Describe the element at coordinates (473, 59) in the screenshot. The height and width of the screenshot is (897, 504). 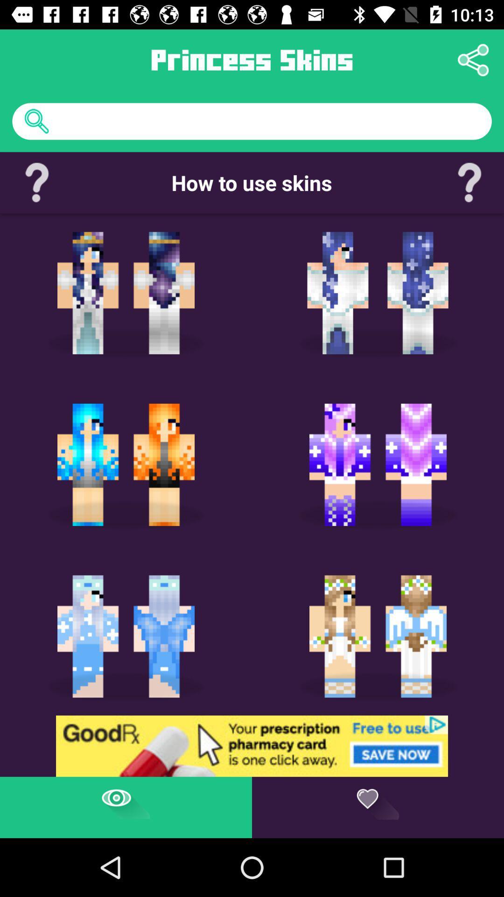
I see `the share icon` at that location.